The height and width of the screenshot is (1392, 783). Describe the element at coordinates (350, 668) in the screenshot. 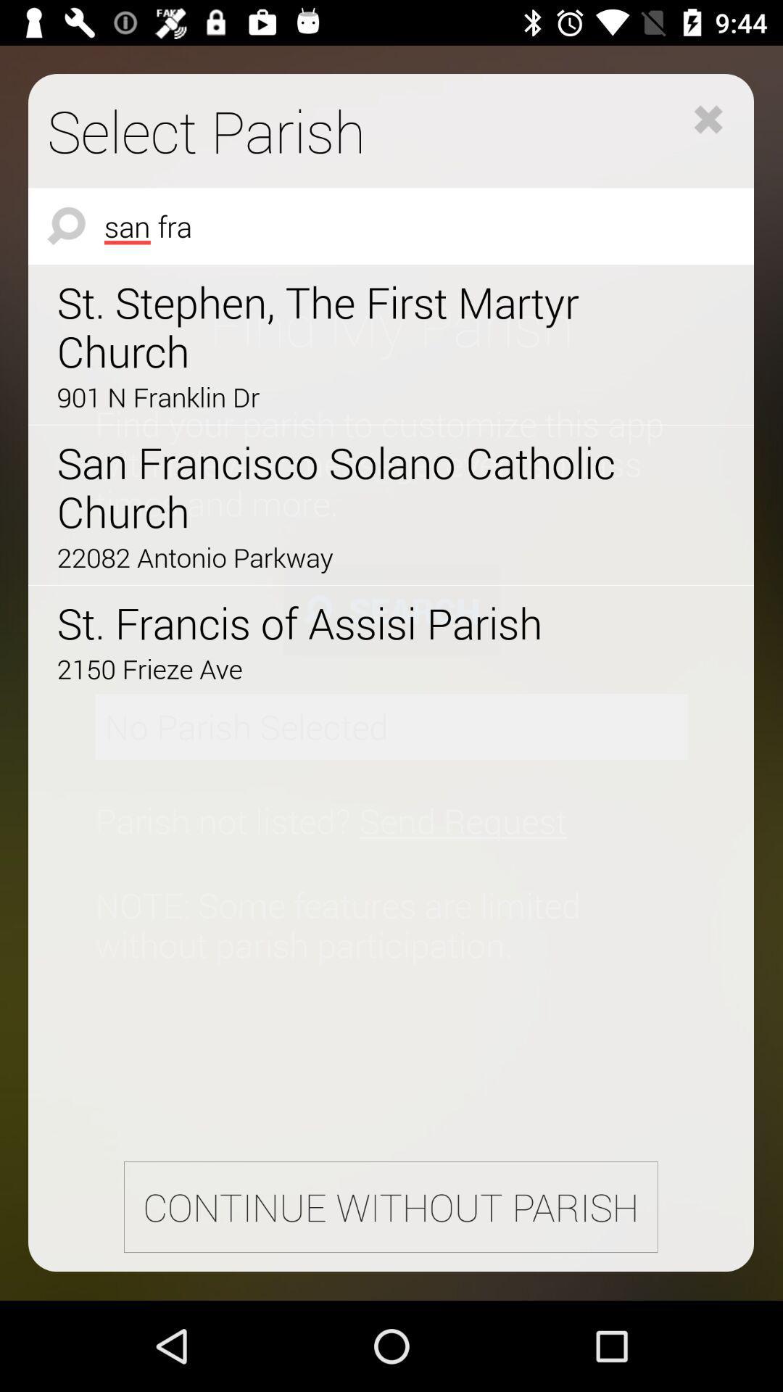

I see `2150 frieze ave` at that location.